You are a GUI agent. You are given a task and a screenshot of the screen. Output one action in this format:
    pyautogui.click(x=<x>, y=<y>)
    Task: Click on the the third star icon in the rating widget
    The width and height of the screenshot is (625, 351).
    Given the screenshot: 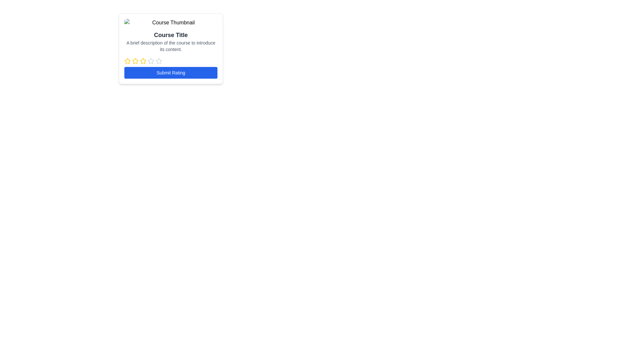 What is the action you would take?
    pyautogui.click(x=143, y=61)
    